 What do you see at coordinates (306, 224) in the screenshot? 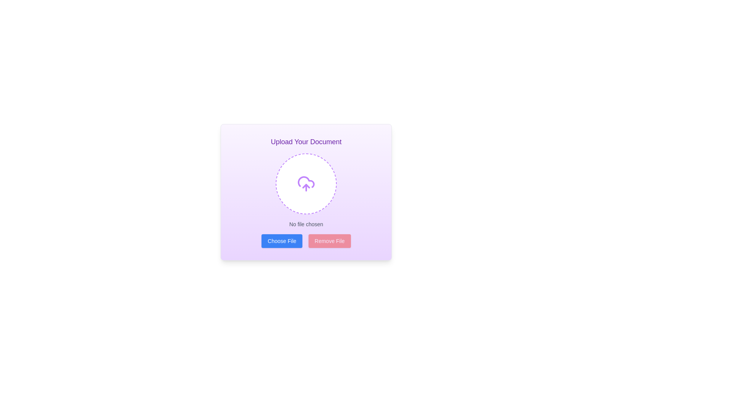
I see `the text label displaying 'No file chosen', which is located below the upload icon in the 'Upload Your Document' panel` at bounding box center [306, 224].